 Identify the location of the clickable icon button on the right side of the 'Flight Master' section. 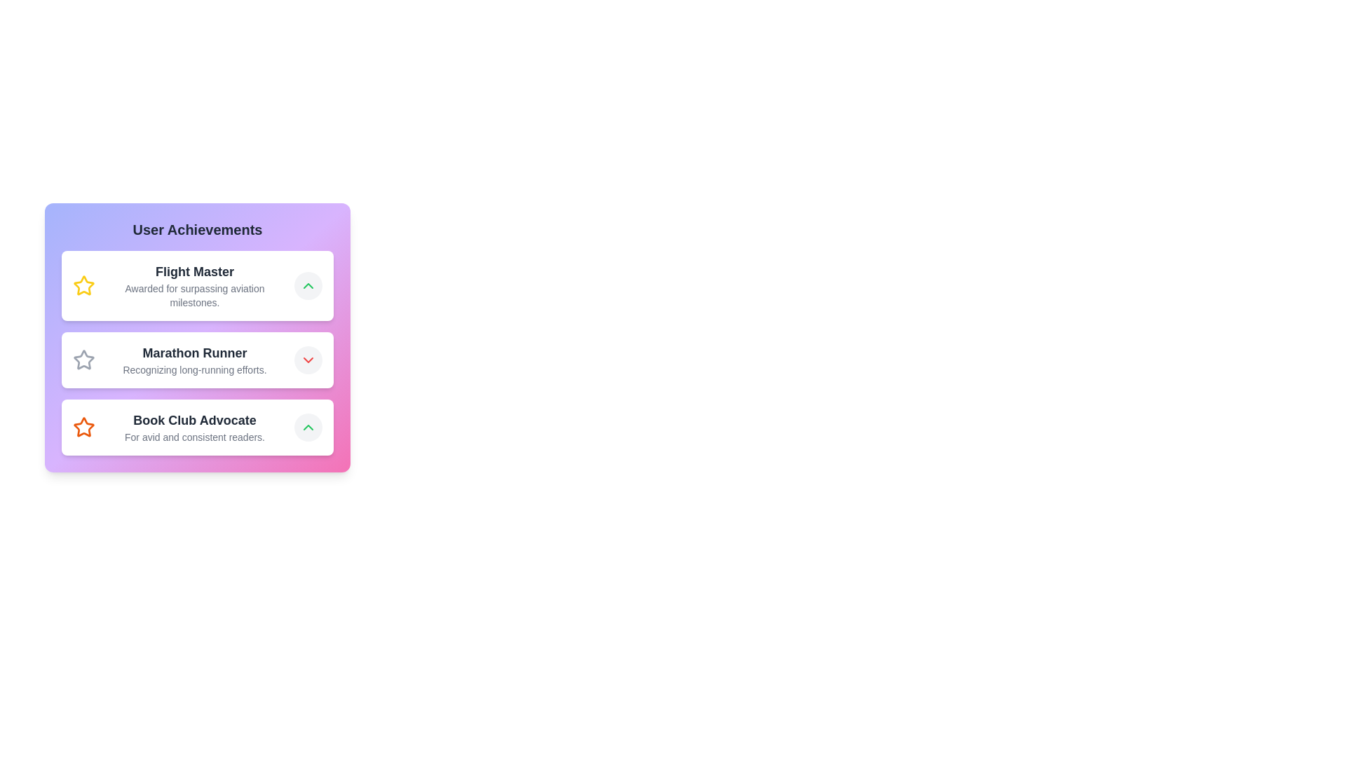
(308, 285).